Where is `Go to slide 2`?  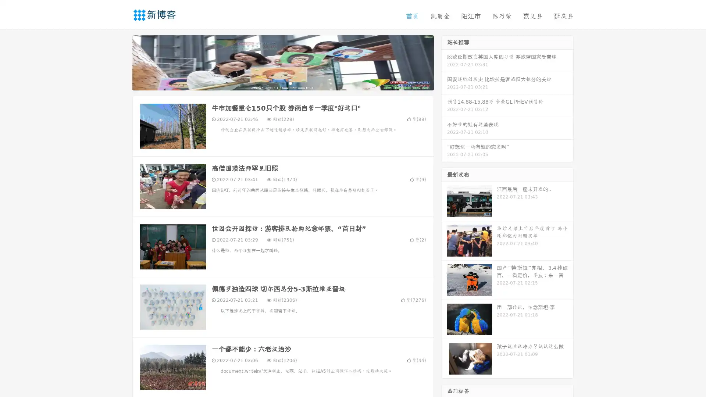
Go to slide 2 is located at coordinates (282, 83).